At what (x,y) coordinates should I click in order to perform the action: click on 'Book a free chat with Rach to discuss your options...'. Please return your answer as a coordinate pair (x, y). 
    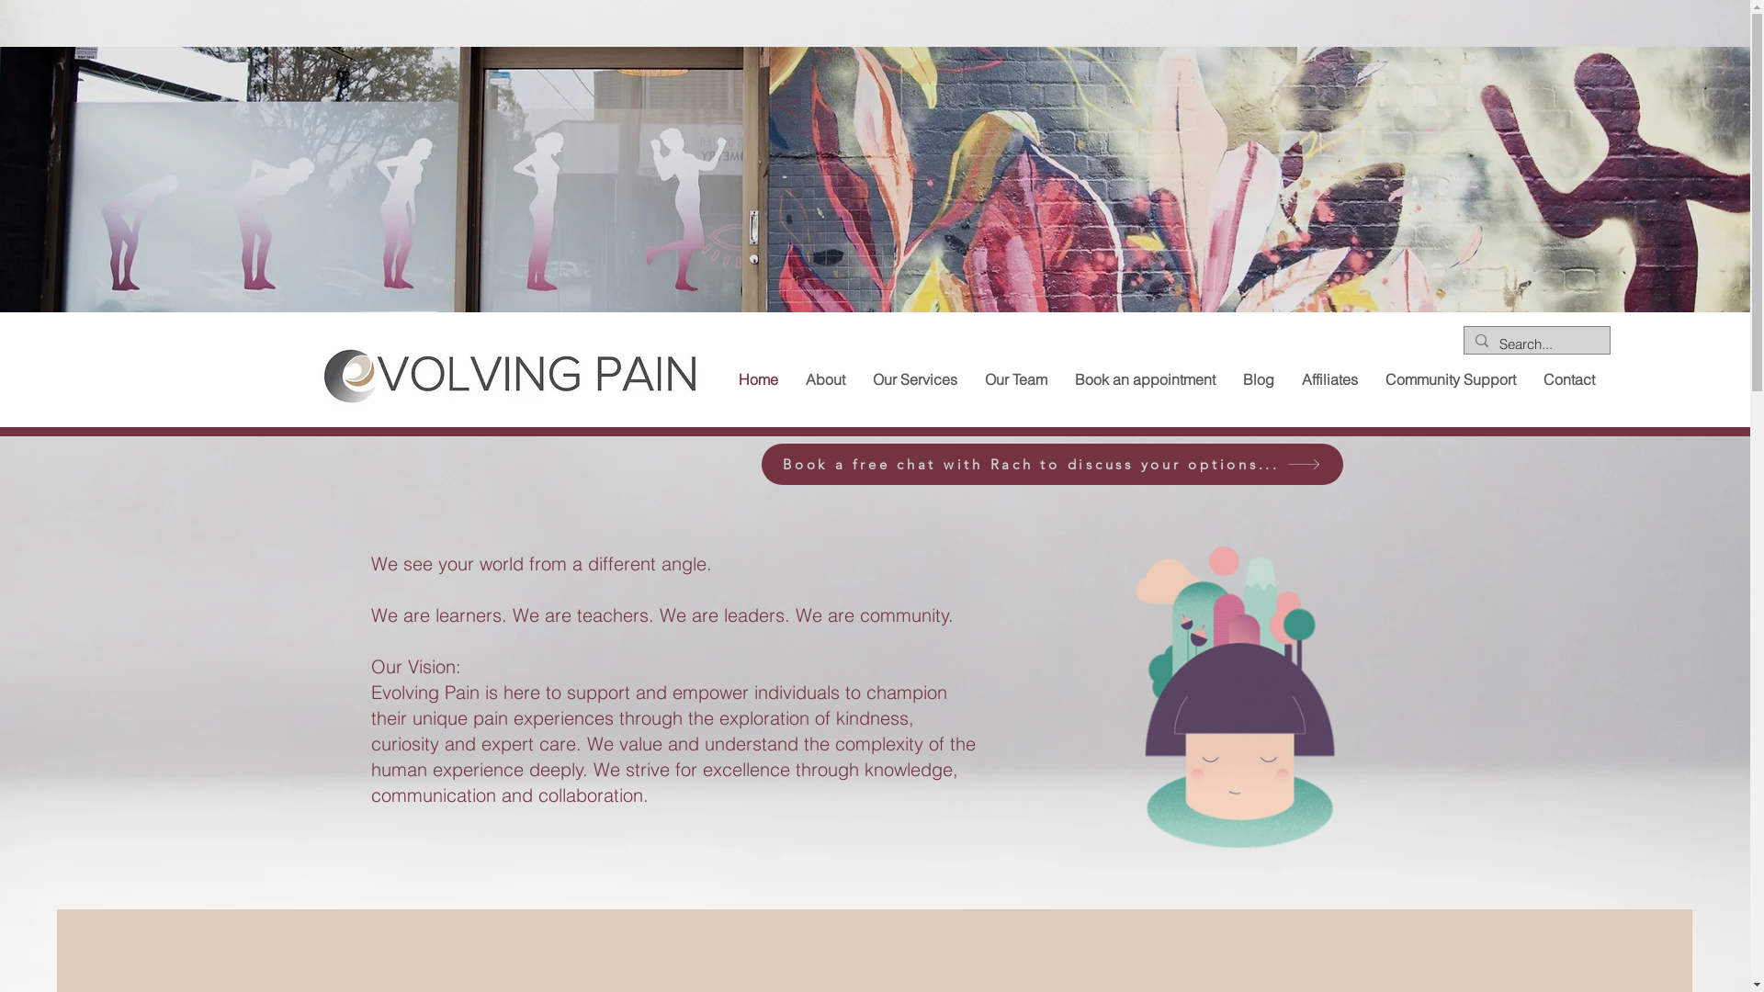
    Looking at the image, I should click on (761, 463).